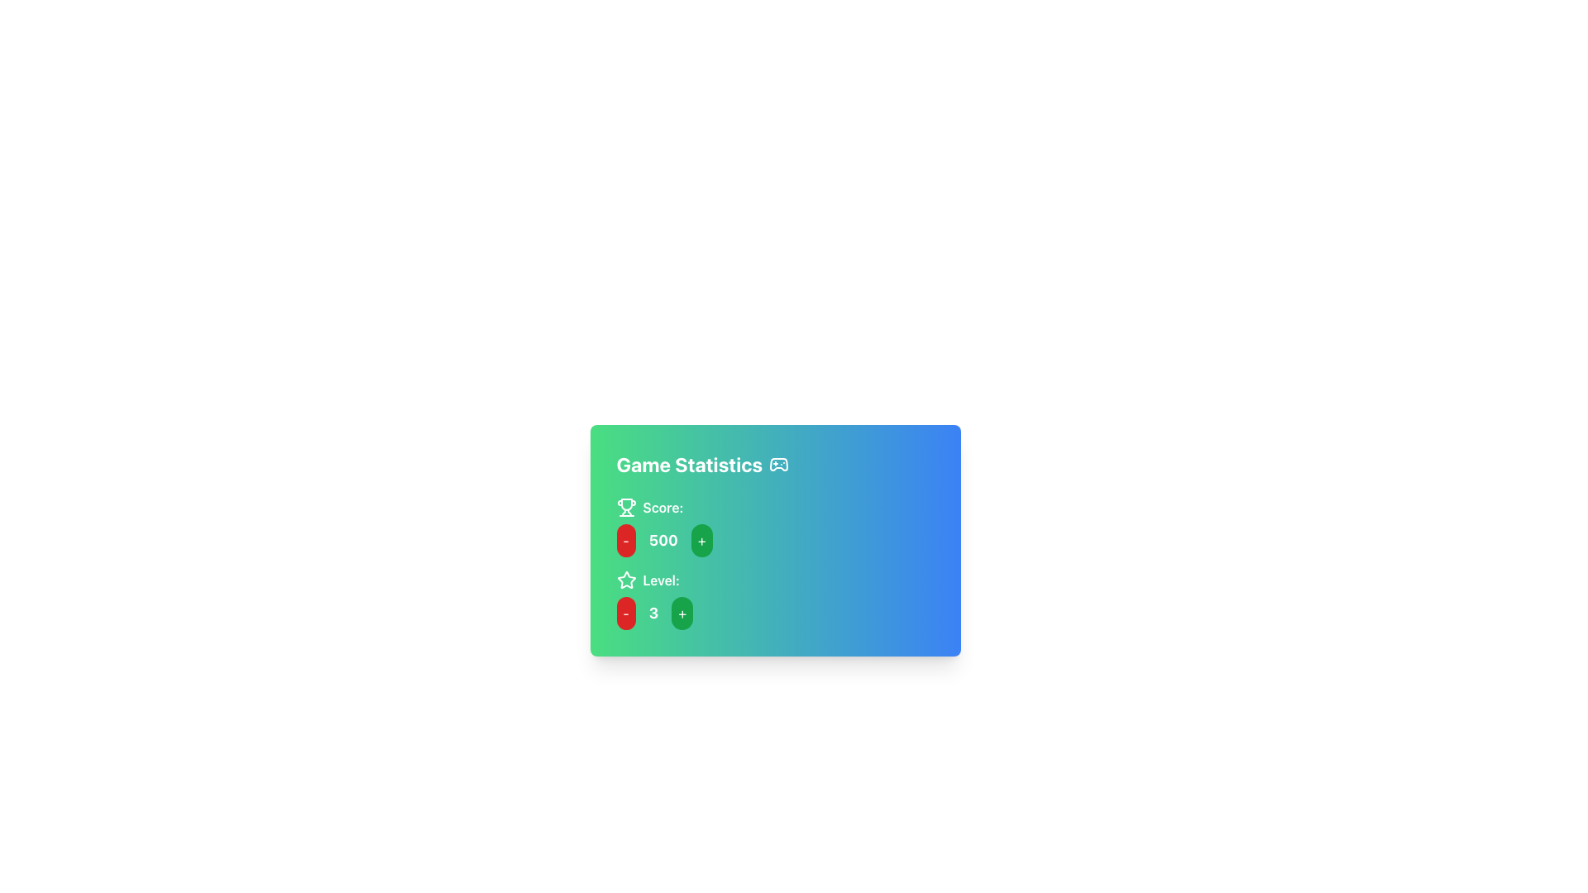 The image size is (1588, 893). What do you see at coordinates (774, 527) in the screenshot?
I see `current score value displayed in the interactive score control group labeled 'Score:' with buttons for increasing and decreasing the score` at bounding box center [774, 527].